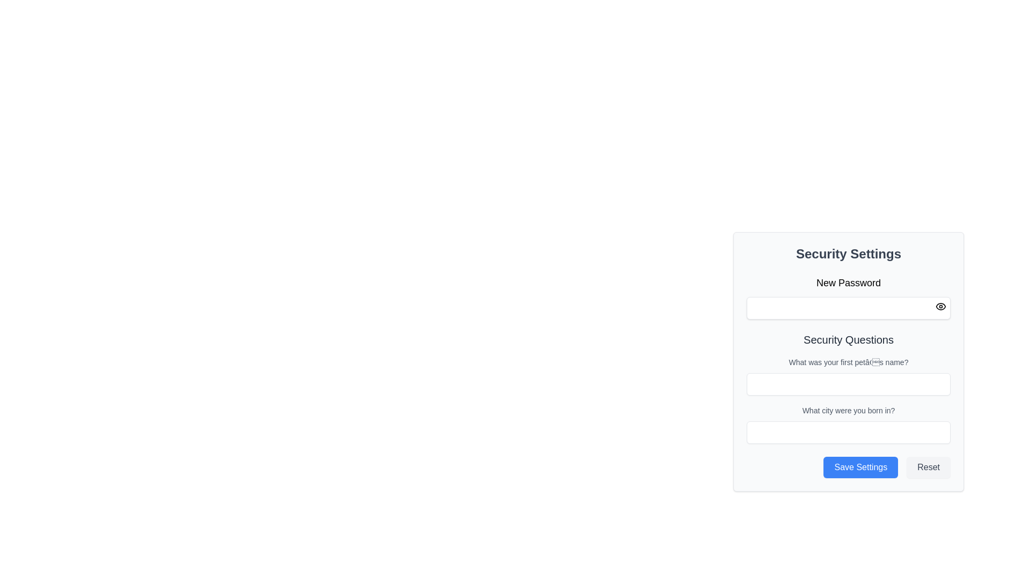  What do you see at coordinates (848, 283) in the screenshot?
I see `the 'New Password' text label, which is bold and large, located in the 'Security Settings' section above the password input field` at bounding box center [848, 283].